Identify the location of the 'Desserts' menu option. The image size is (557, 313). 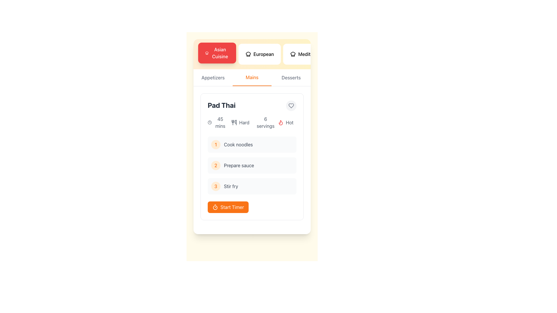
(291, 77).